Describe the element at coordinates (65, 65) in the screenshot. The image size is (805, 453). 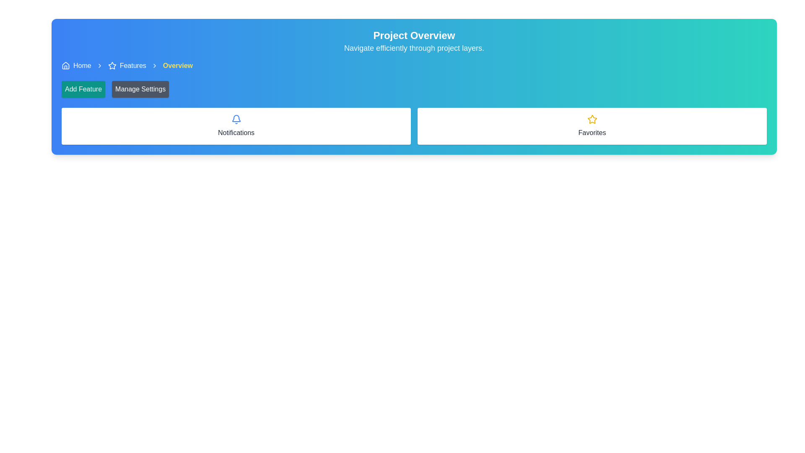
I see `the 'Home' icon located in the top-left corner of the interface` at that location.